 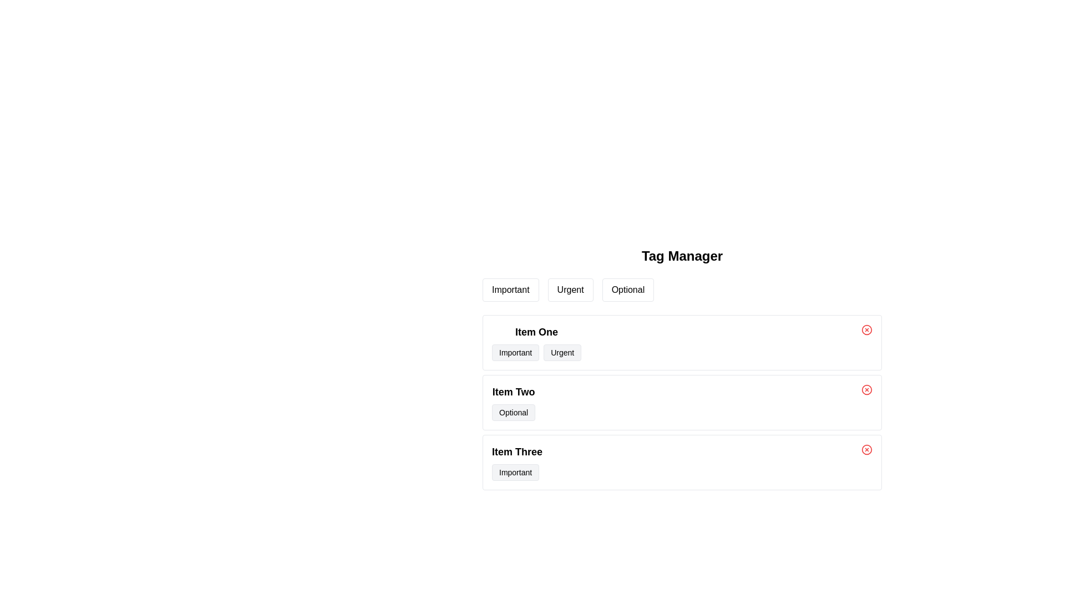 I want to click on the button labeled 'Urgent' which is the second button in a horizontal sequence of three buttons located below the header 'Tag Manager', so click(x=570, y=290).